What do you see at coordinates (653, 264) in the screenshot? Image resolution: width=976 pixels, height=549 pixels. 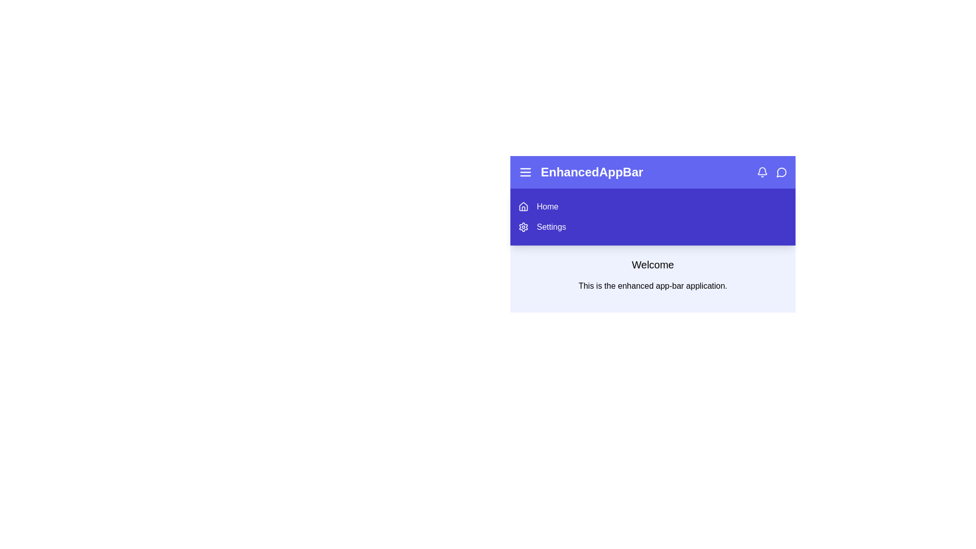 I see `the welcome message to focus on it` at bounding box center [653, 264].